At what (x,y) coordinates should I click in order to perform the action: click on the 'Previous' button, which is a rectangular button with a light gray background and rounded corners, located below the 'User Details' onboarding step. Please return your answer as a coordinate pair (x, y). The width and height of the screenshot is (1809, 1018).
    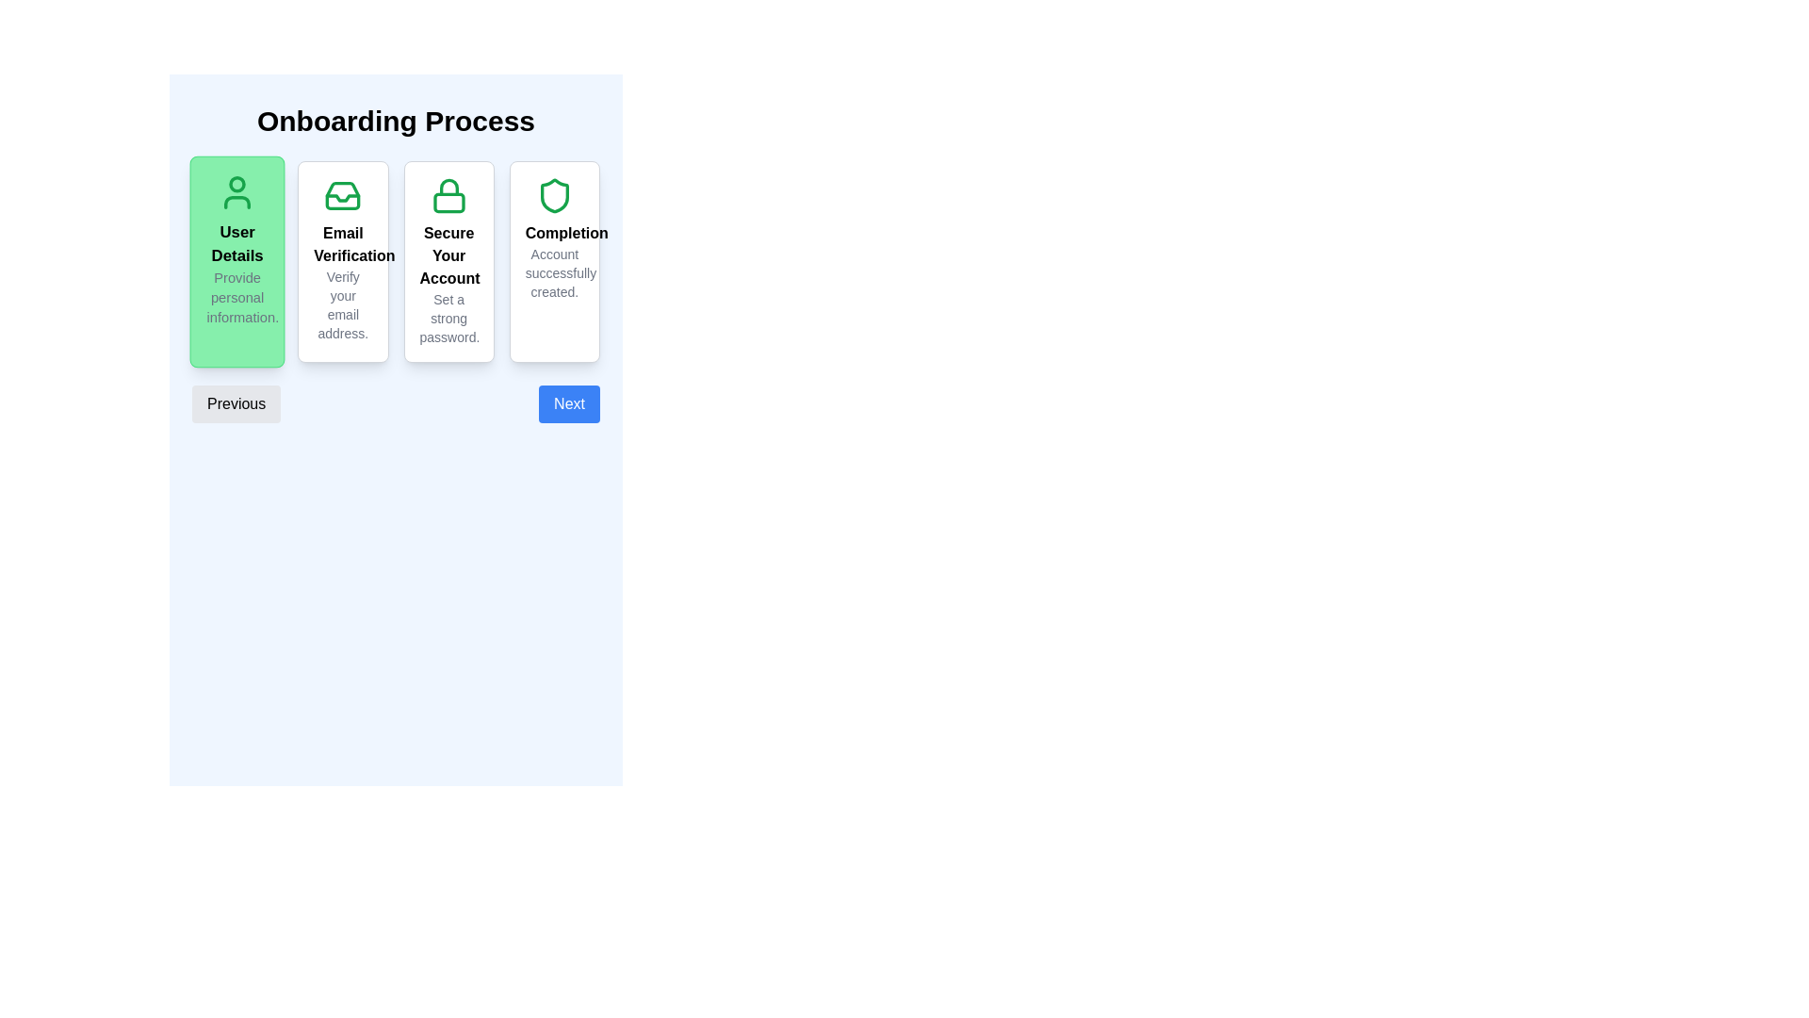
    Looking at the image, I should click on (236, 402).